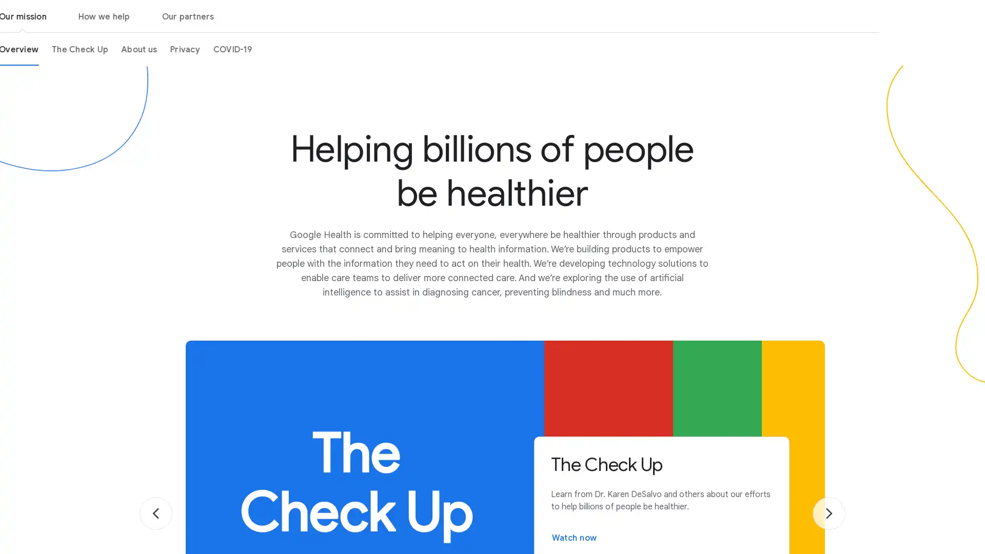 The image size is (985, 554). I want to click on Previous slide, so click(155, 513).